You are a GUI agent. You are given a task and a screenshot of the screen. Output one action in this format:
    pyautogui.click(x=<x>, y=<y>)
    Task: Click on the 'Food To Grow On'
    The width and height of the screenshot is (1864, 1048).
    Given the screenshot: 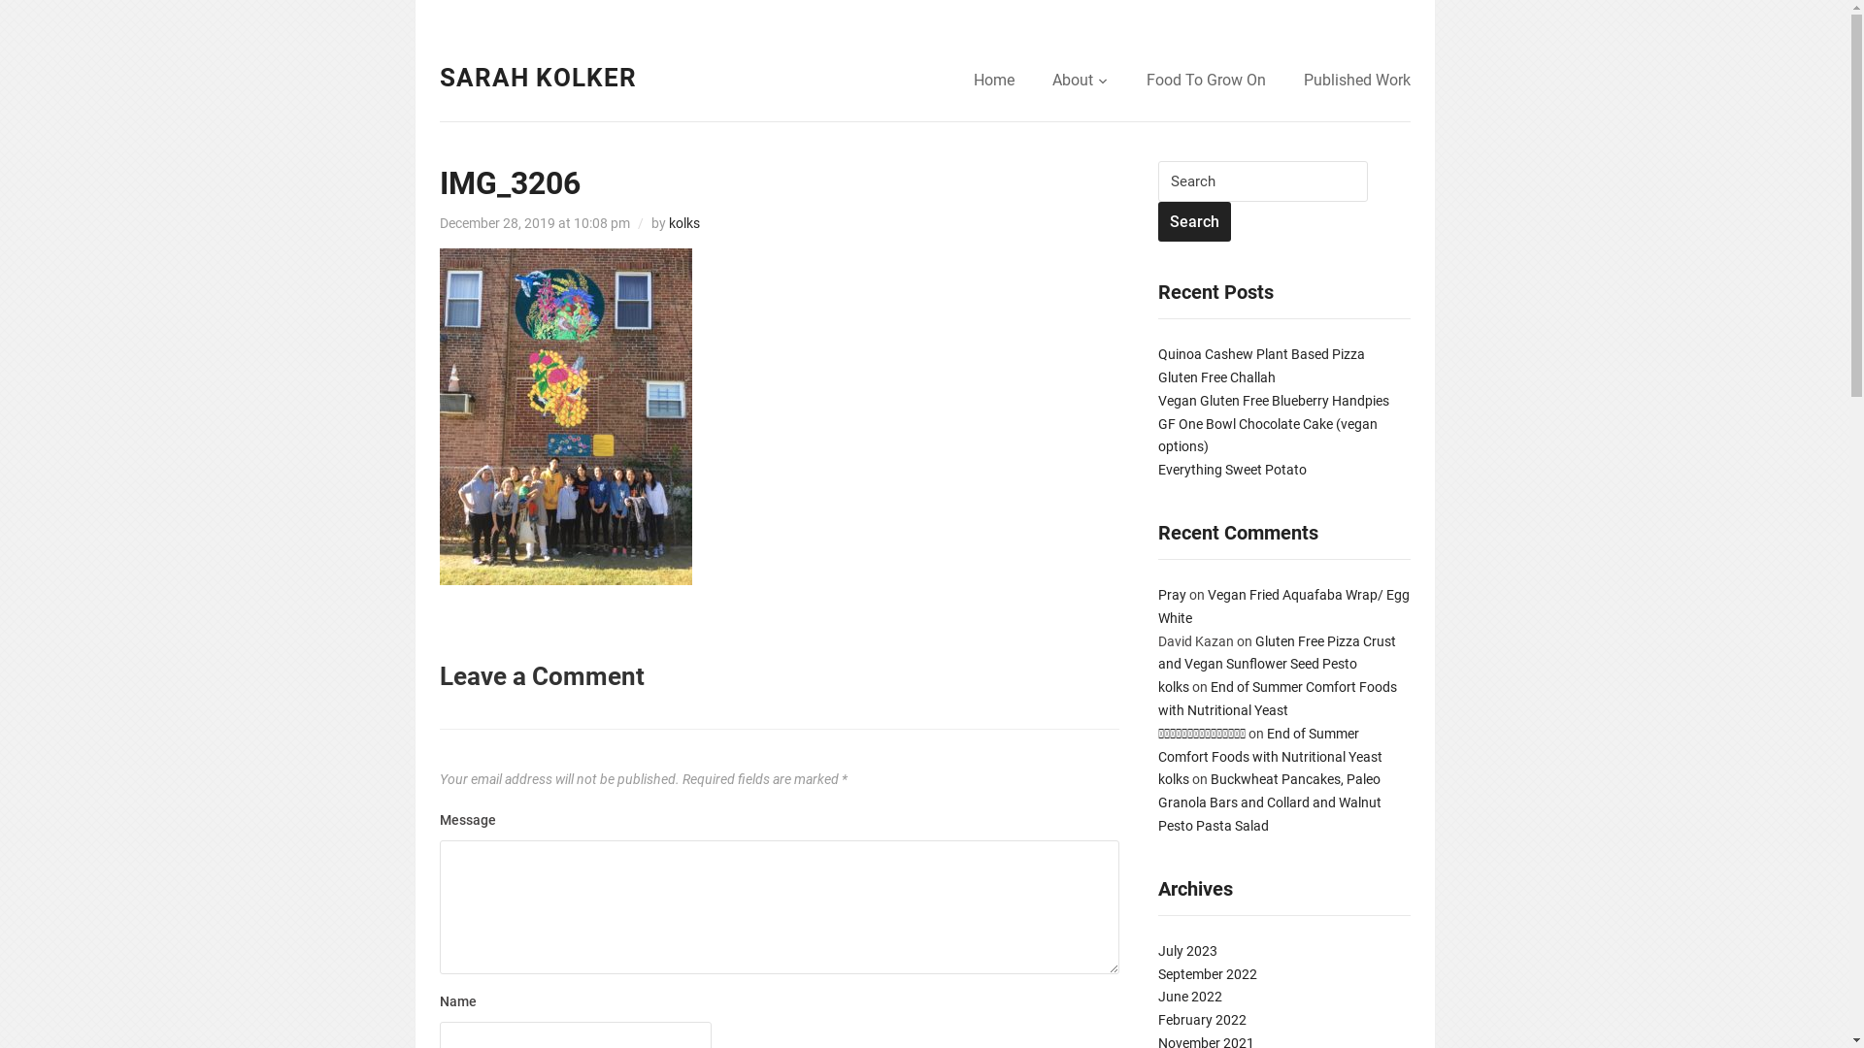 What is the action you would take?
    pyautogui.click(x=1204, y=81)
    